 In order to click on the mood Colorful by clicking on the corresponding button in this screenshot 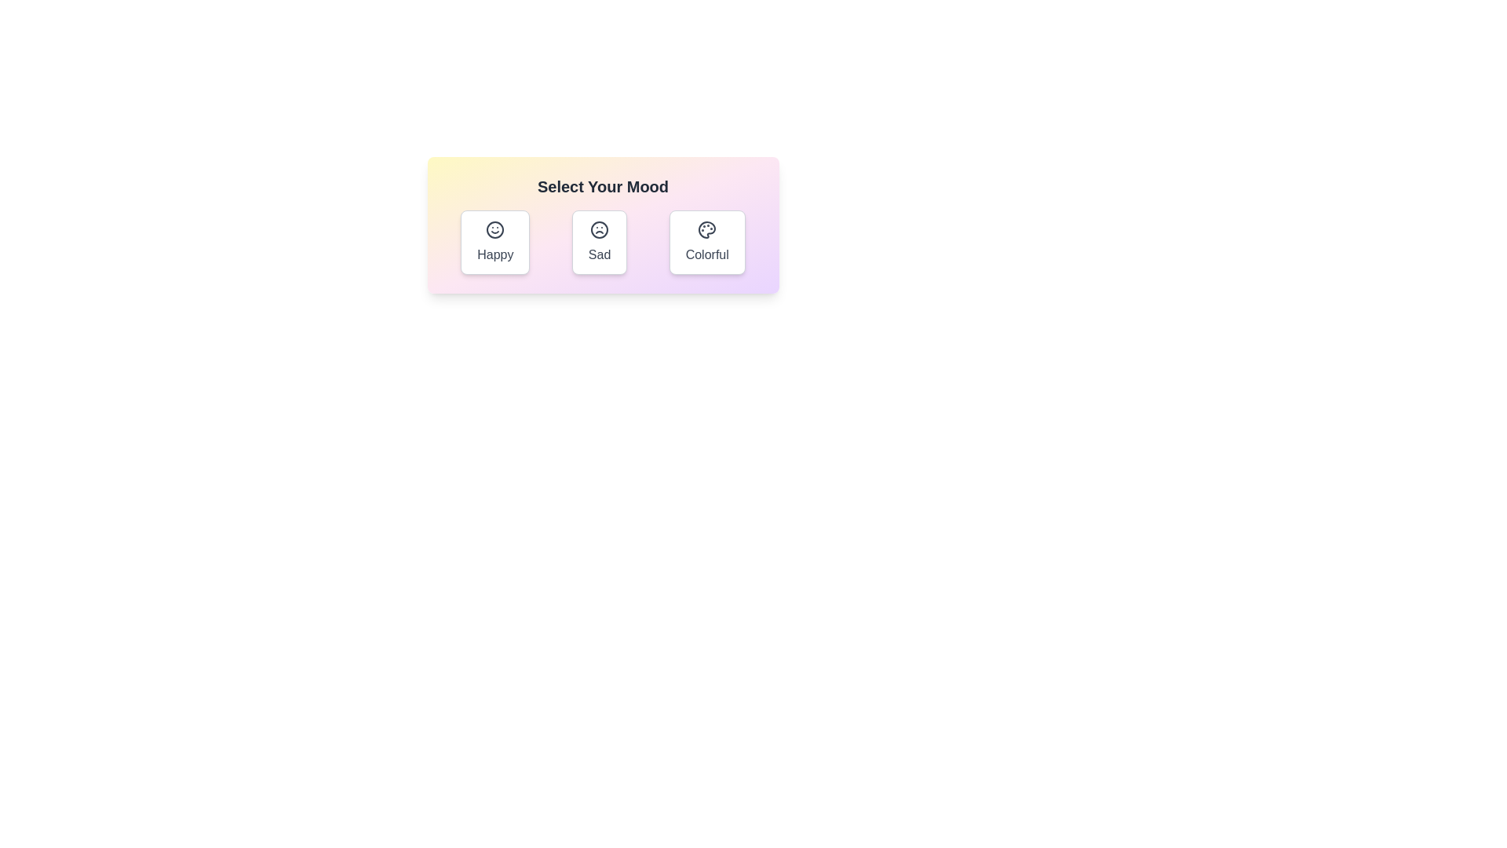, I will do `click(706, 242)`.